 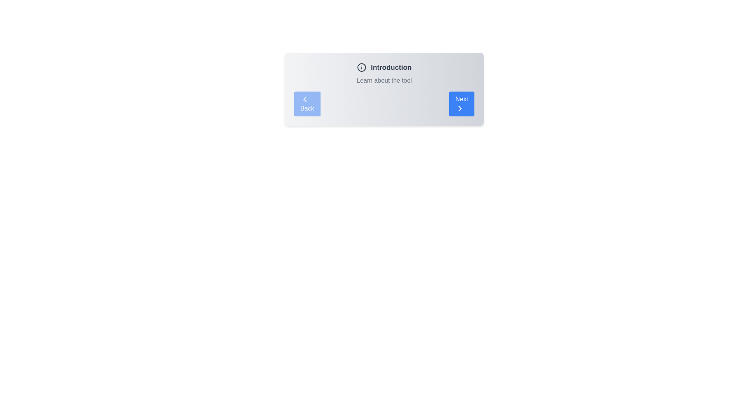 I want to click on the navigational button located to the left of the 'Next' button, so click(x=307, y=103).